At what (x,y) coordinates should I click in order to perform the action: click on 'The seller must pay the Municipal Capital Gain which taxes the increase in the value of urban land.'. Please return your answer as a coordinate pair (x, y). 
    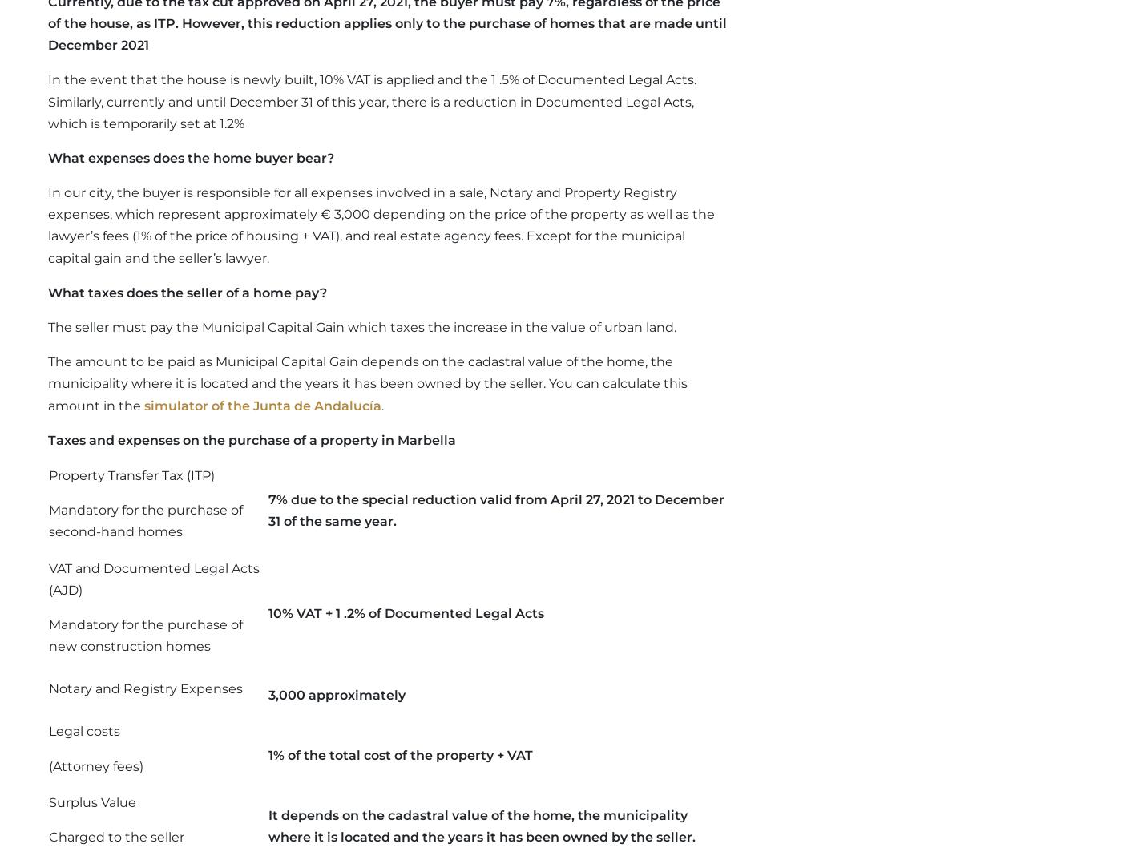
    Looking at the image, I should click on (362, 326).